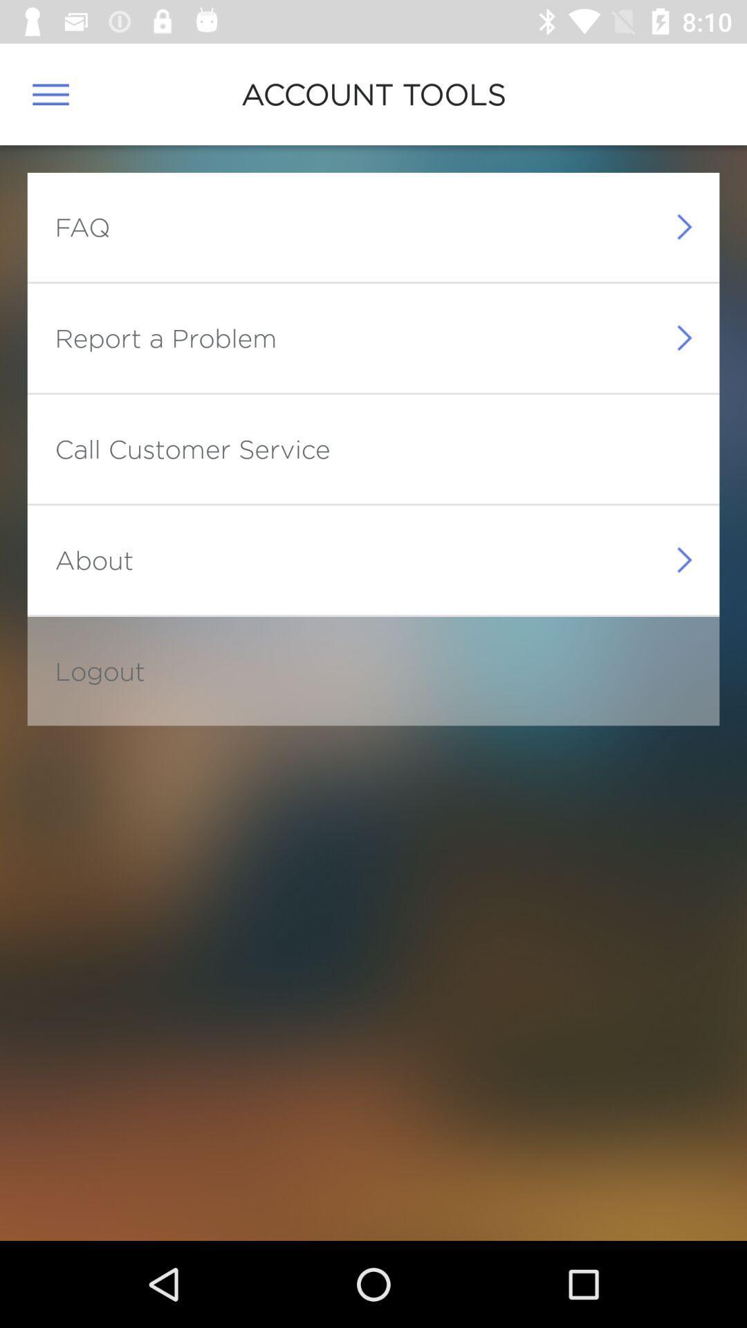 The height and width of the screenshot is (1328, 747). I want to click on the app below the about app, so click(99, 671).